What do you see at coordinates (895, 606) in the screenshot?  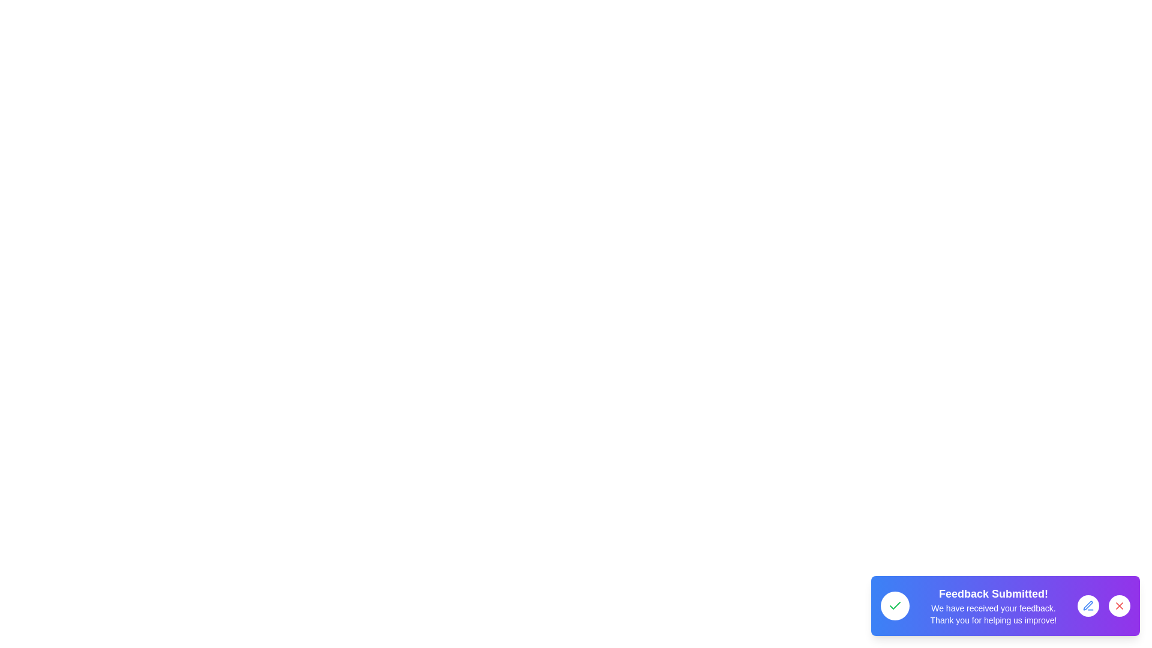 I see `the success icon to observe its state` at bounding box center [895, 606].